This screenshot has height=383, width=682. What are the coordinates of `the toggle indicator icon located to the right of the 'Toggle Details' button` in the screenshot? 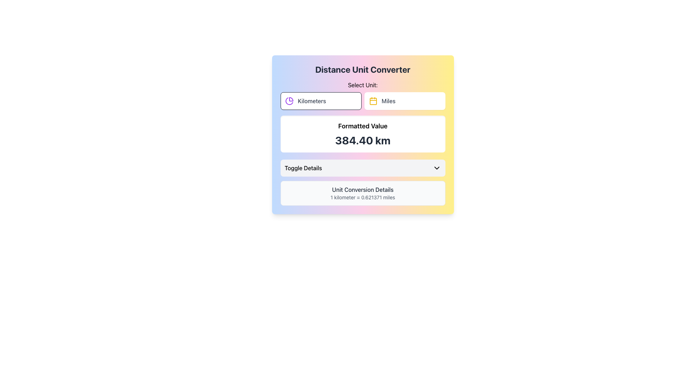 It's located at (436, 168).